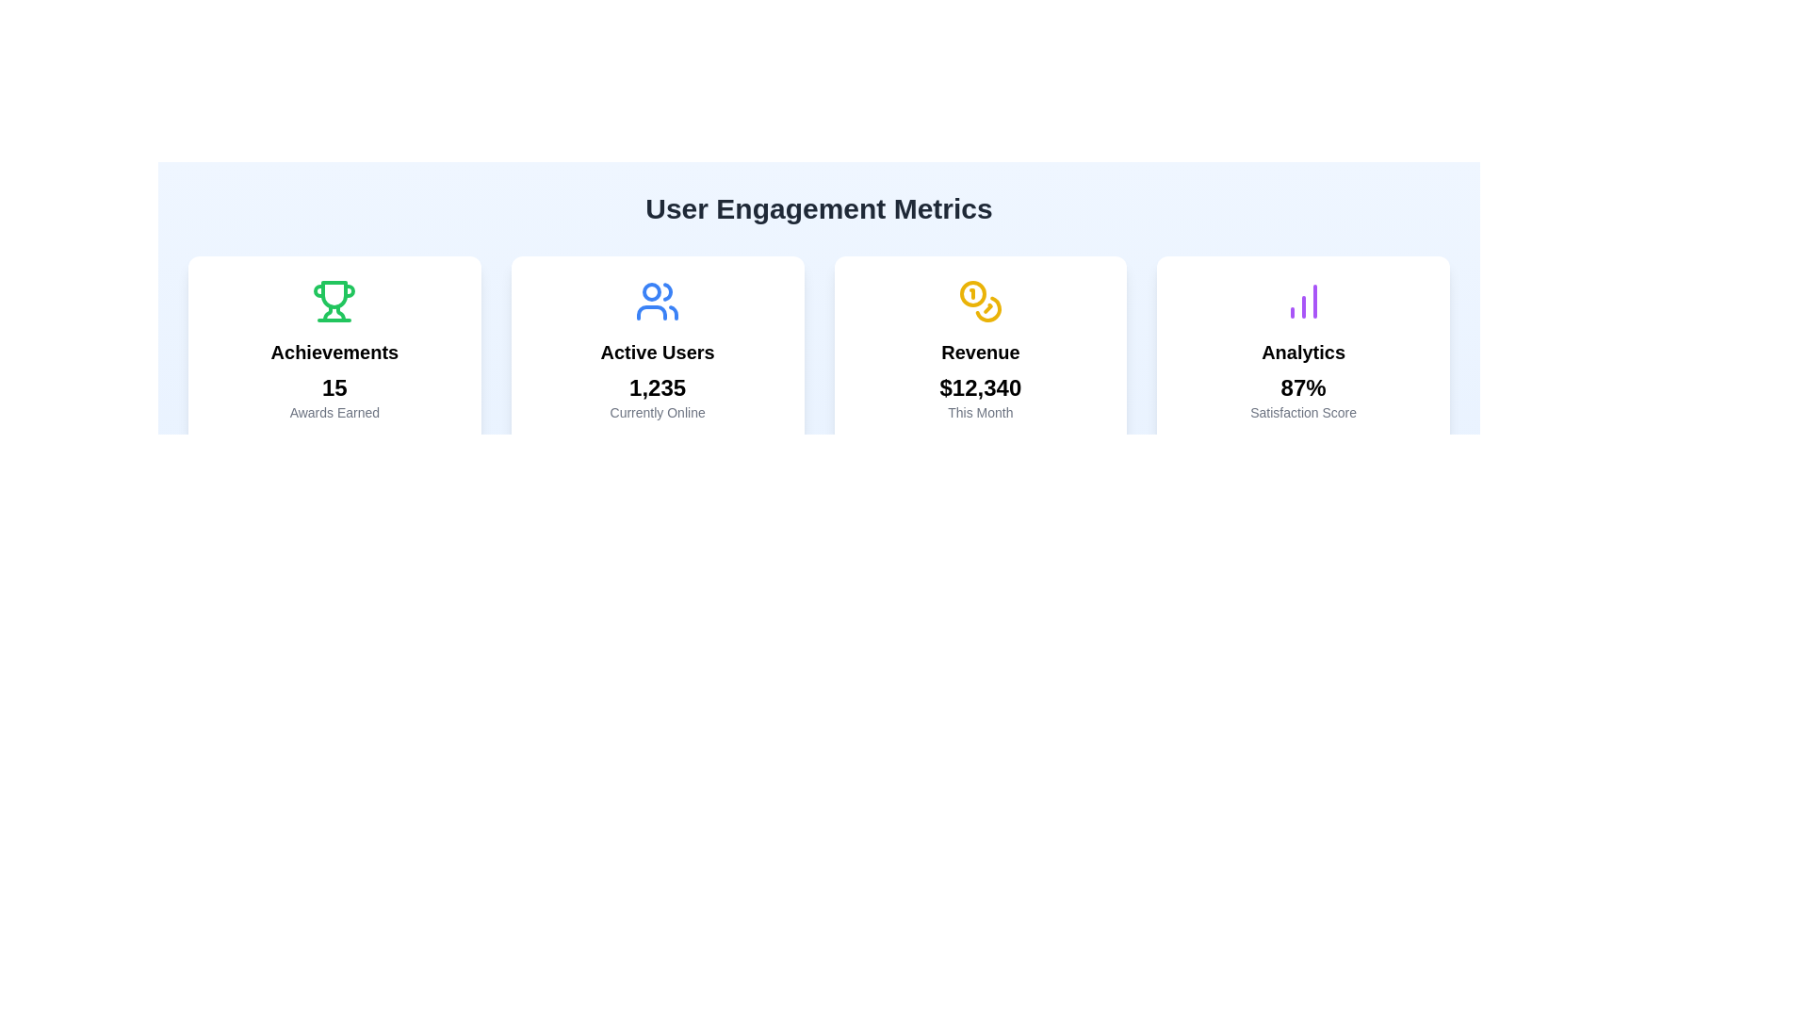 This screenshot has width=1809, height=1018. Describe the element at coordinates (334, 301) in the screenshot. I see `the icon representing achievements located at the top-center of the first card under the 'User Engagement Metrics' section, above the text 'Achievements', '15', and 'Awards Earned'` at that location.